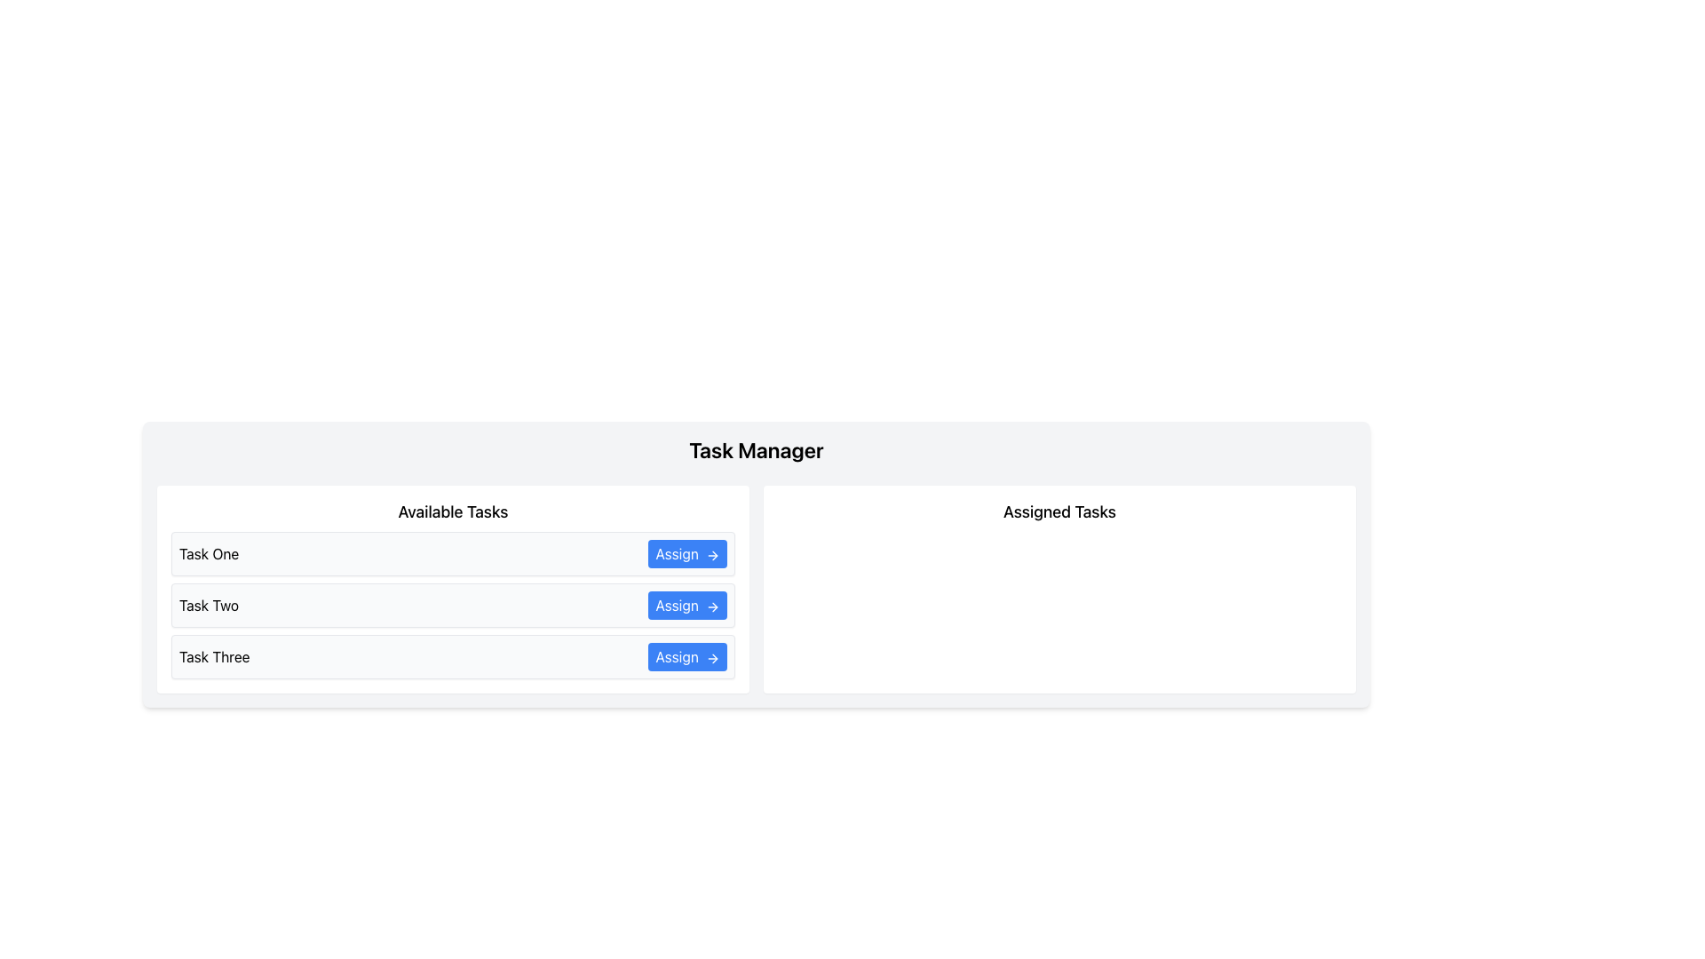 This screenshot has height=959, width=1705. I want to click on the 'Available Tasks' header text label that categorizes the content below it in the task list section, so click(453, 512).